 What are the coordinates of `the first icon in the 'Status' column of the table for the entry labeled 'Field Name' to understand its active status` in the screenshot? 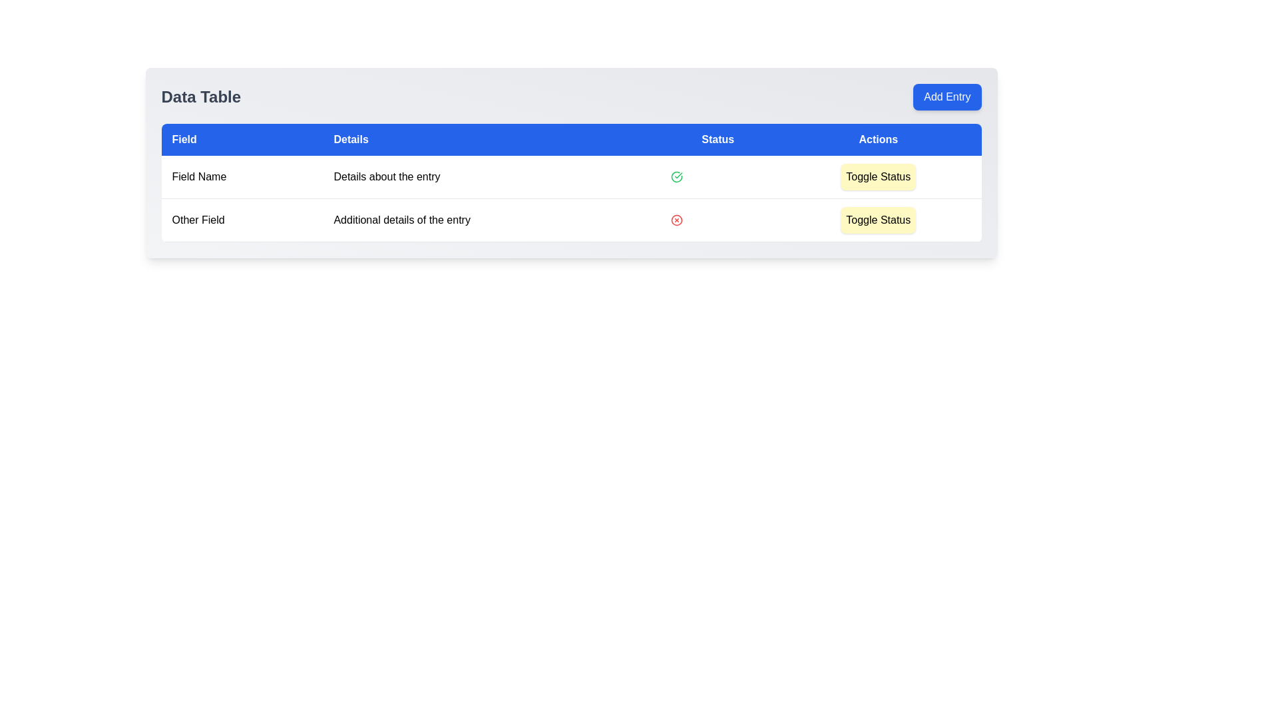 It's located at (677, 176).